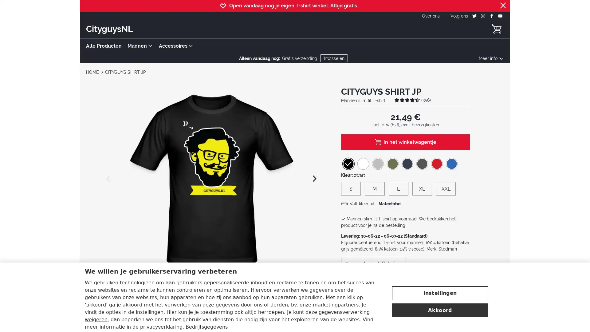 The image size is (590, 332). I want to click on XL, so click(422, 188).